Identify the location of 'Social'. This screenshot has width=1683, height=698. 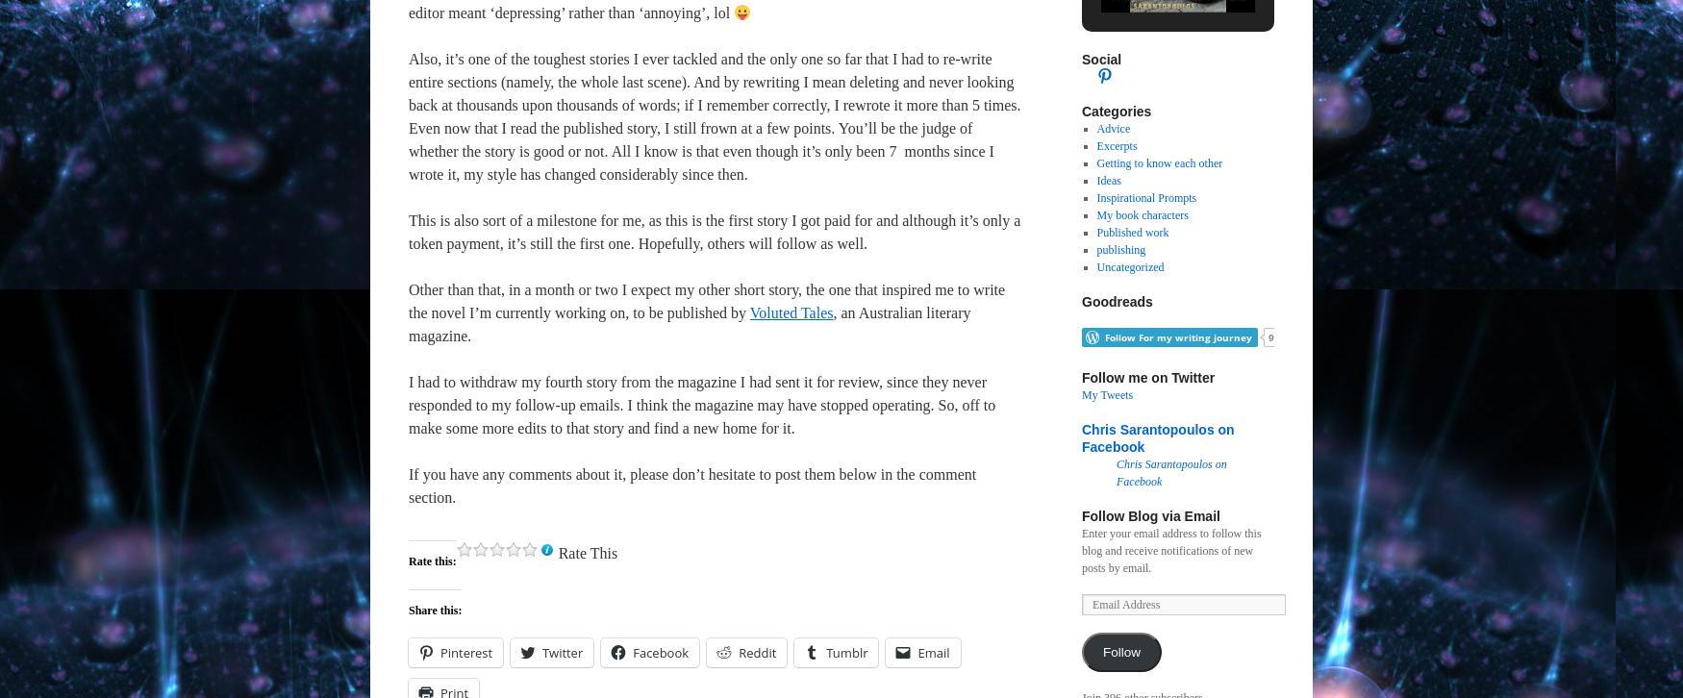
(1100, 58).